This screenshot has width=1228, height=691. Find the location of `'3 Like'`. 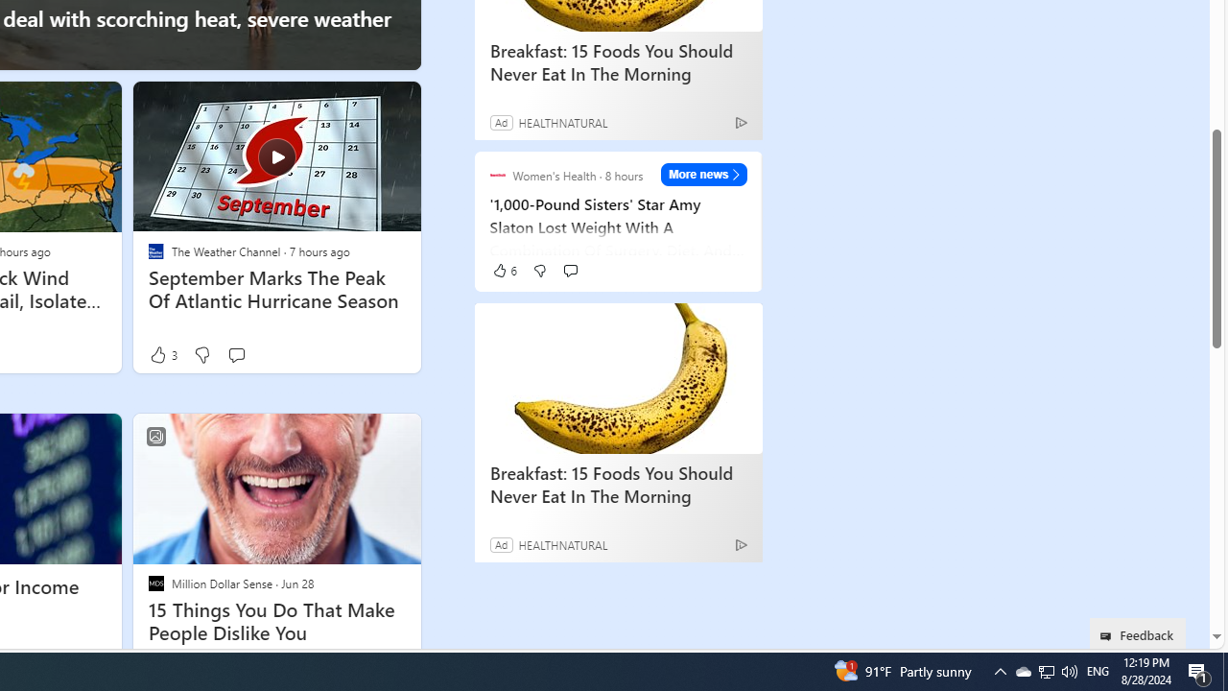

'3 Like' is located at coordinates (162, 354).